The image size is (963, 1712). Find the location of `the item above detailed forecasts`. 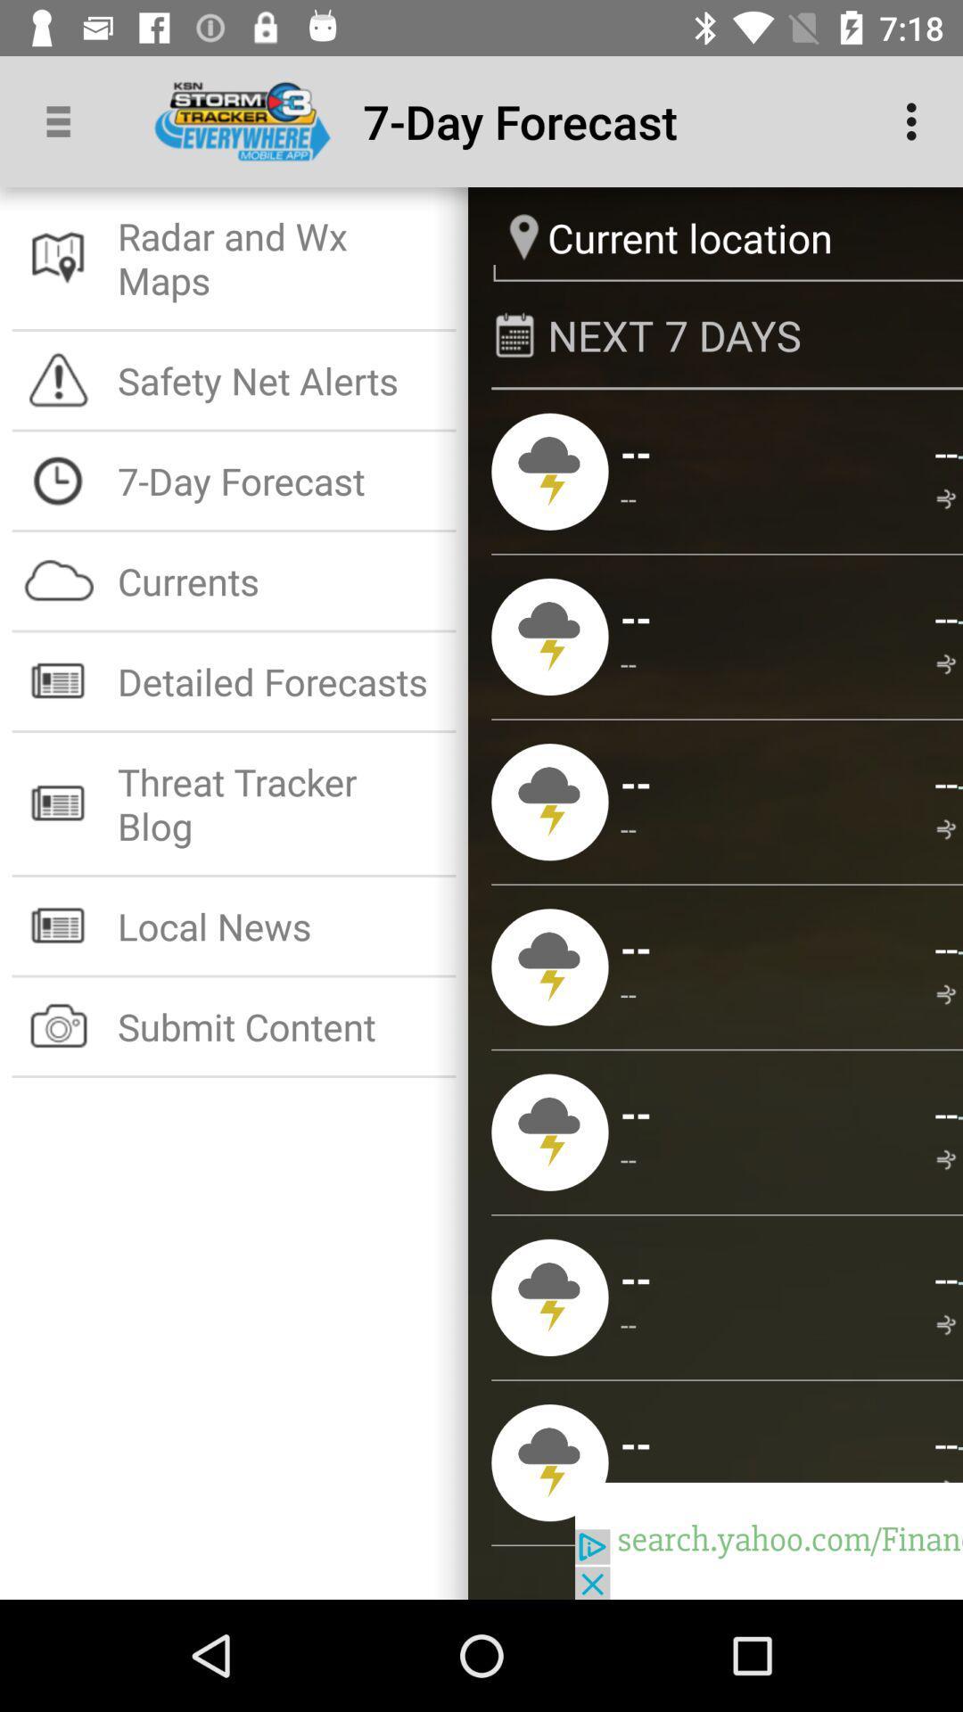

the item above detailed forecasts is located at coordinates (281, 580).